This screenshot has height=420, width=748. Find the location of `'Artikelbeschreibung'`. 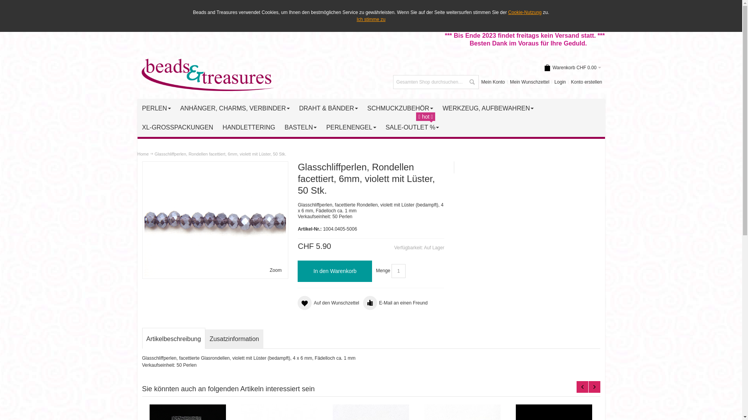

'Artikelbeschreibung' is located at coordinates (142, 338).